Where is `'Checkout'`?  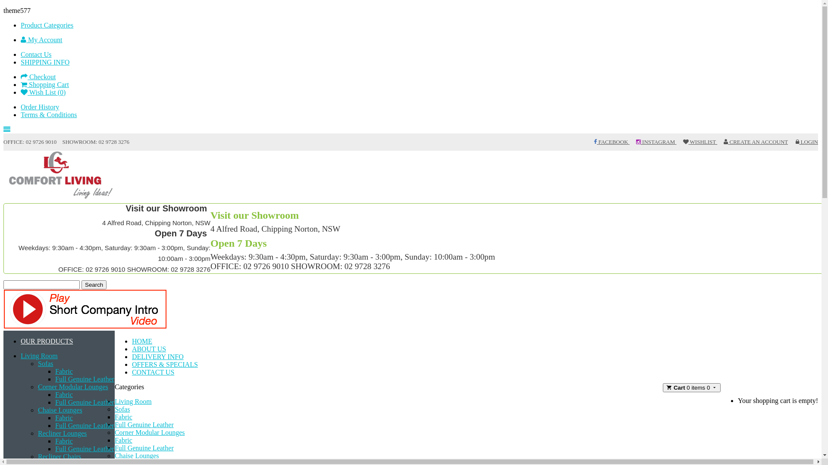 'Checkout' is located at coordinates (38, 76).